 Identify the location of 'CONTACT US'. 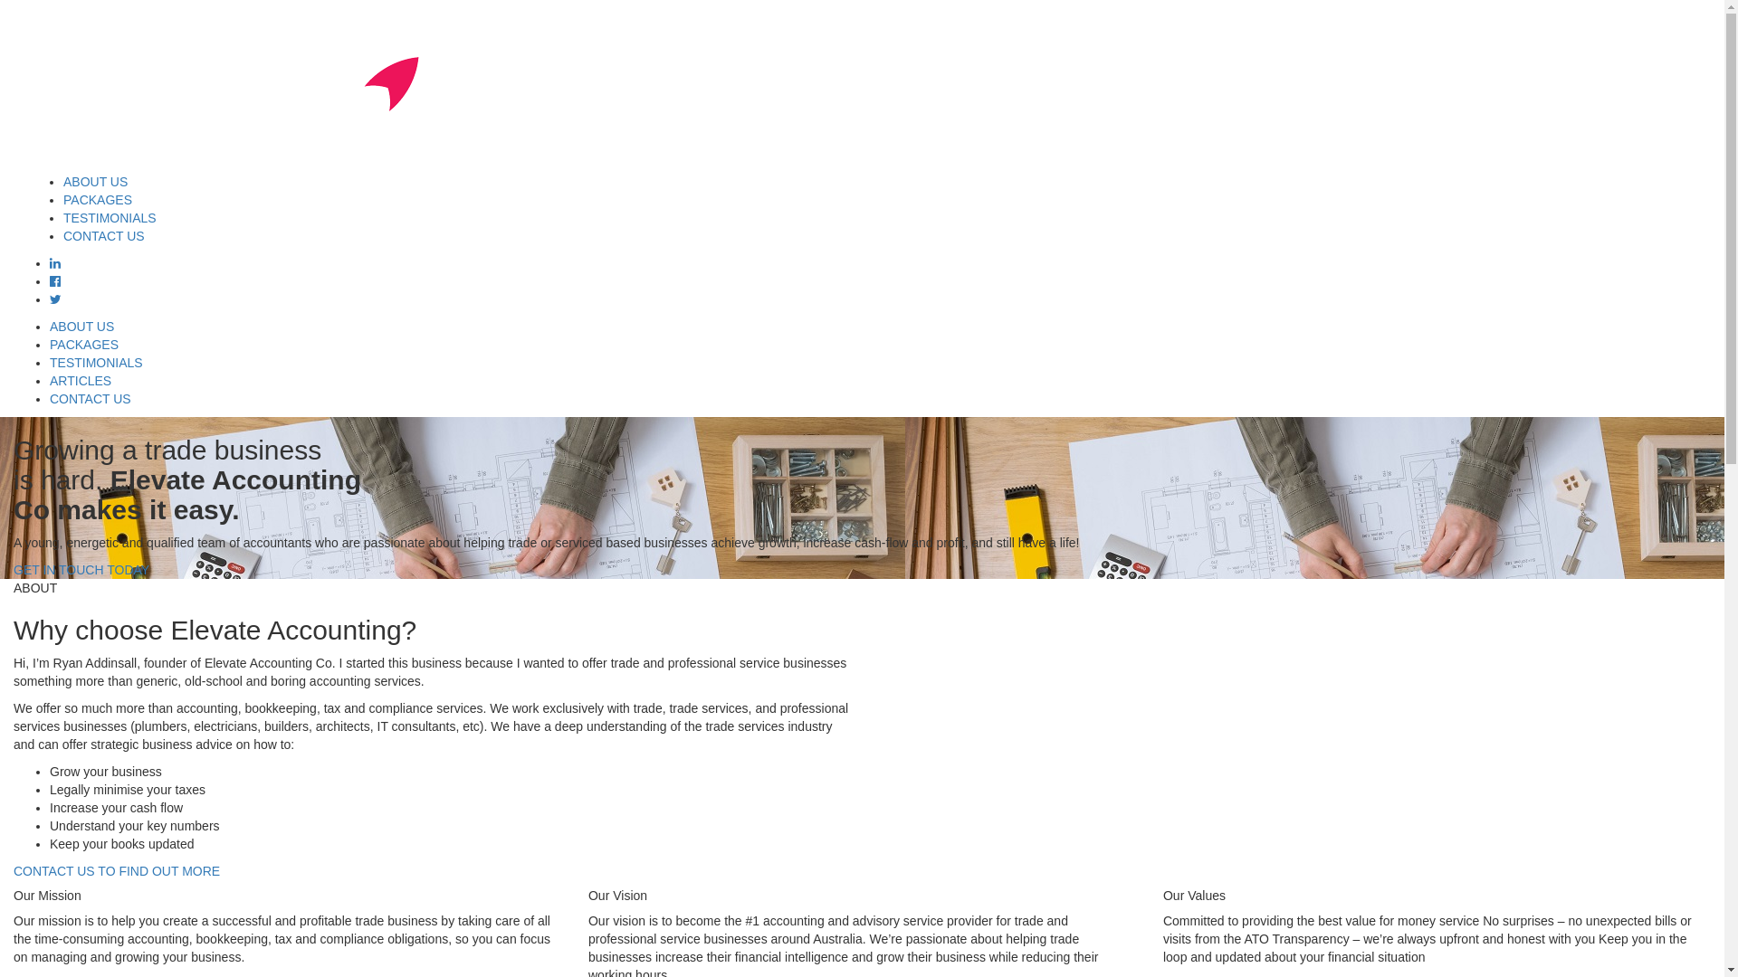
(90, 397).